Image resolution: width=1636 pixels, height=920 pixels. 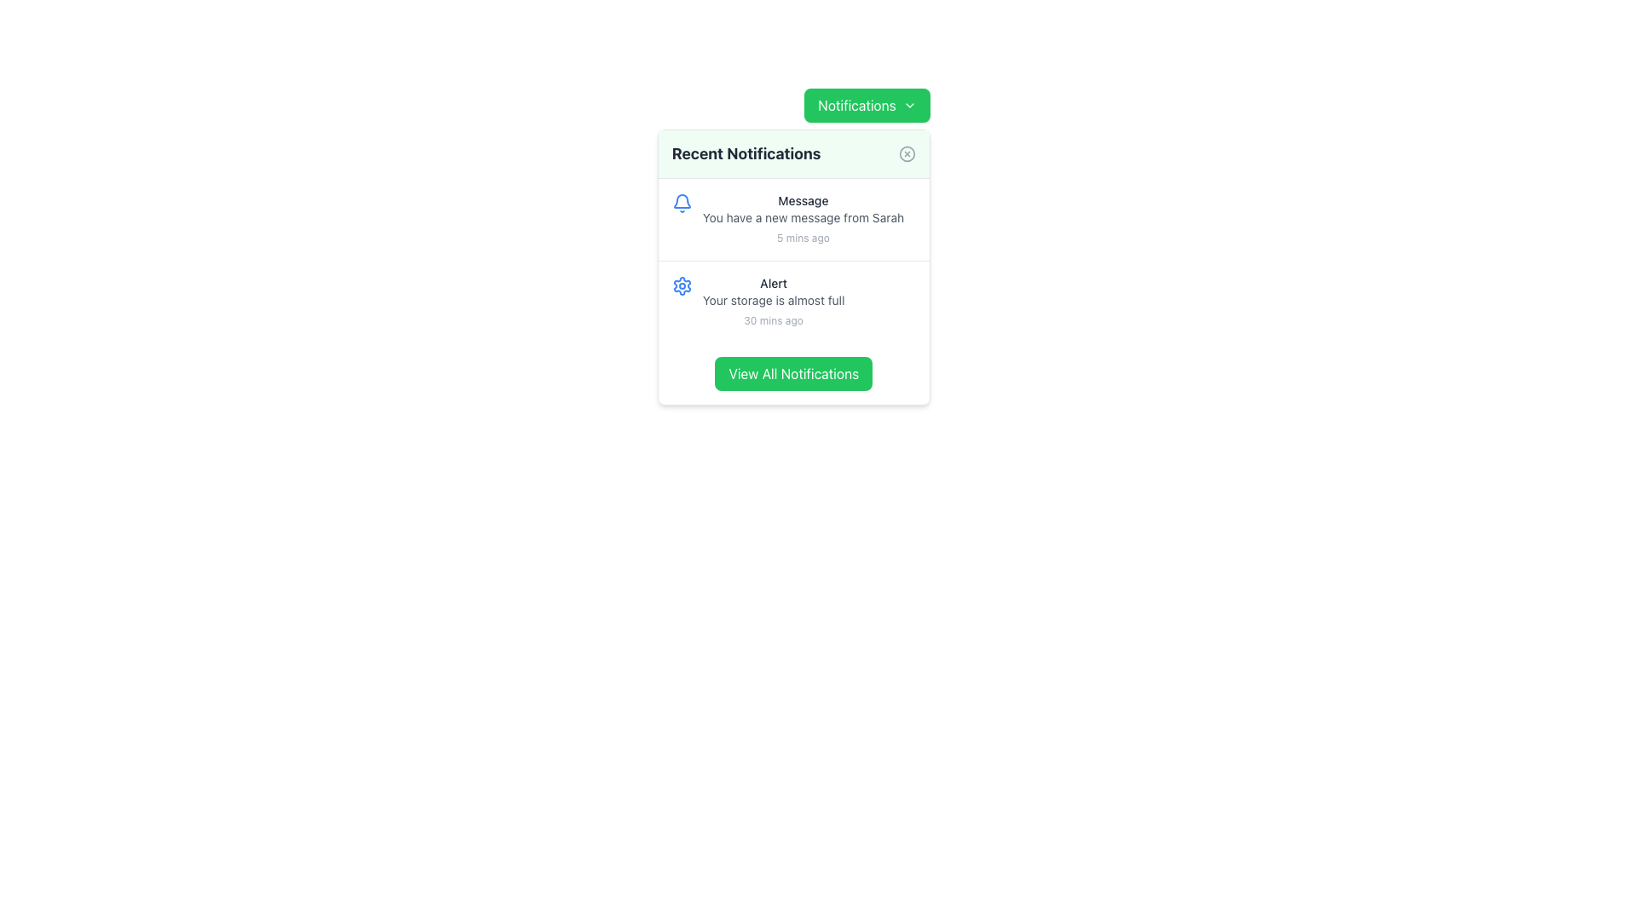 What do you see at coordinates (802, 219) in the screenshot?
I see `the top notification entry that says 'You have a new message from Sarah' under the 'Recent Notifications' header` at bounding box center [802, 219].